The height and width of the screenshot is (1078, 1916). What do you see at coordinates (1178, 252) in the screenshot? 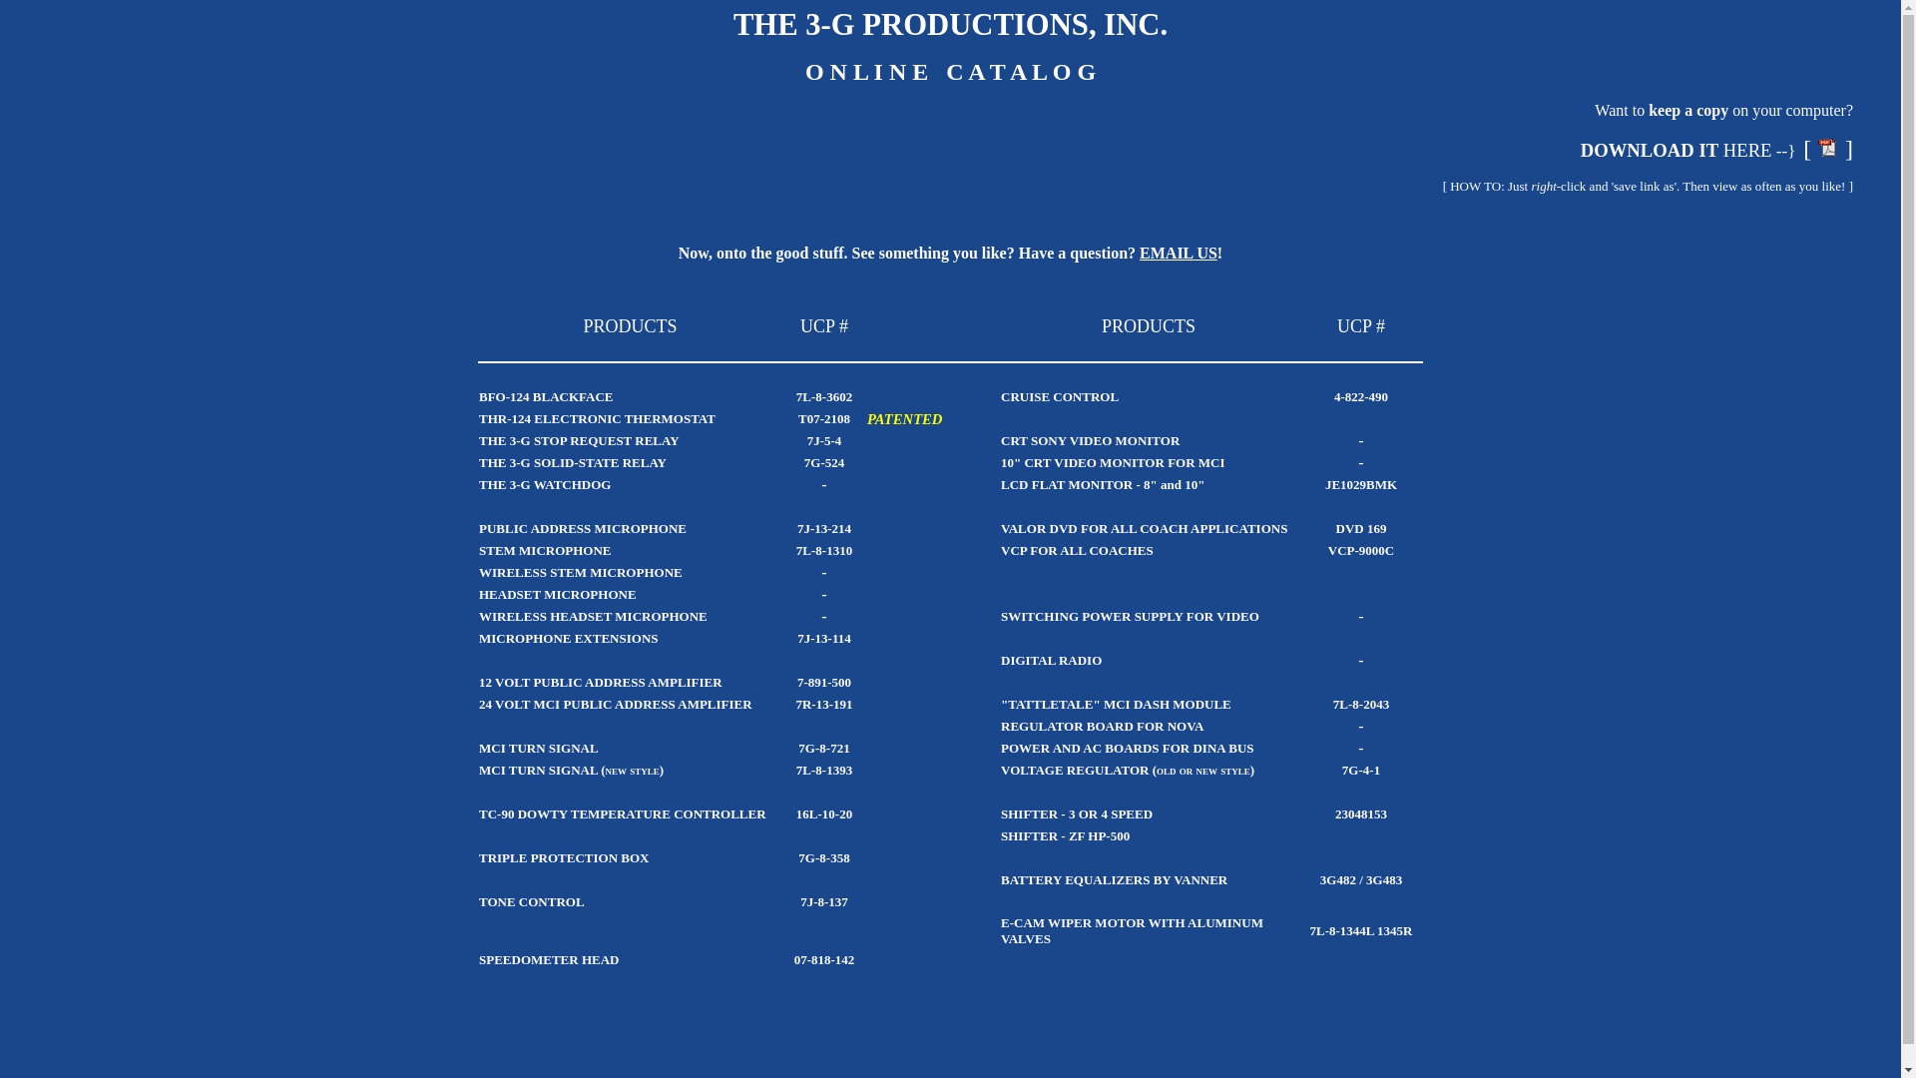
I see `'EMAIL US'` at bounding box center [1178, 252].